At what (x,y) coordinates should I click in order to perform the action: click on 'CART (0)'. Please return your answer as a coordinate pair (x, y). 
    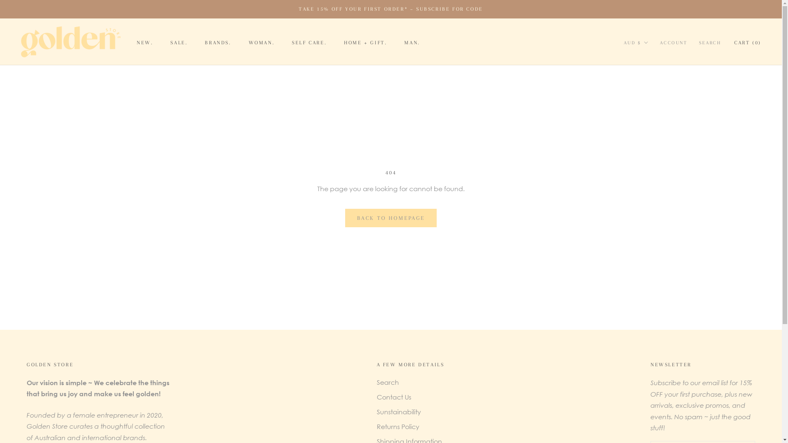
    Looking at the image, I should click on (748, 43).